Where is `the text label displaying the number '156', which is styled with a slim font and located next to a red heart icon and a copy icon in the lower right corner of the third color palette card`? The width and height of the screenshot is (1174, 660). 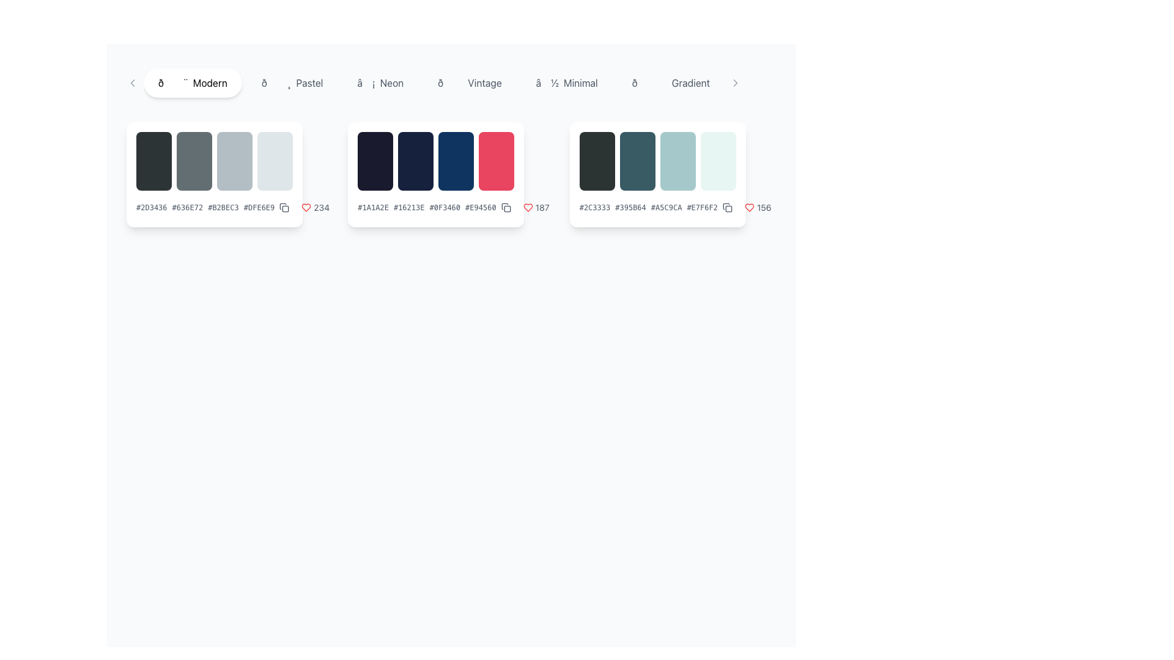 the text label displaying the number '156', which is styled with a slim font and located next to a red heart icon and a copy icon in the lower right corner of the third color palette card is located at coordinates (744, 207).